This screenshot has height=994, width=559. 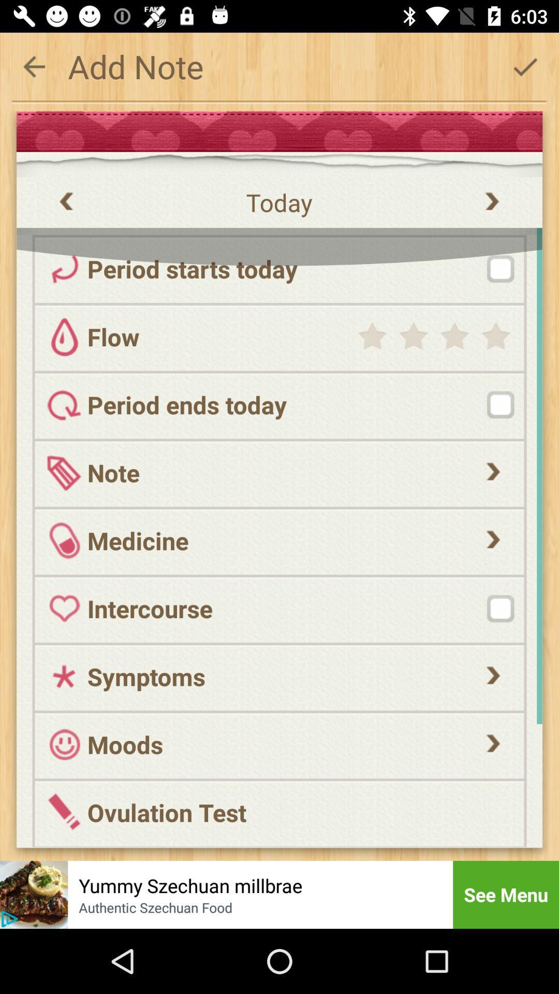 I want to click on the arrow_forward icon, so click(x=493, y=533).